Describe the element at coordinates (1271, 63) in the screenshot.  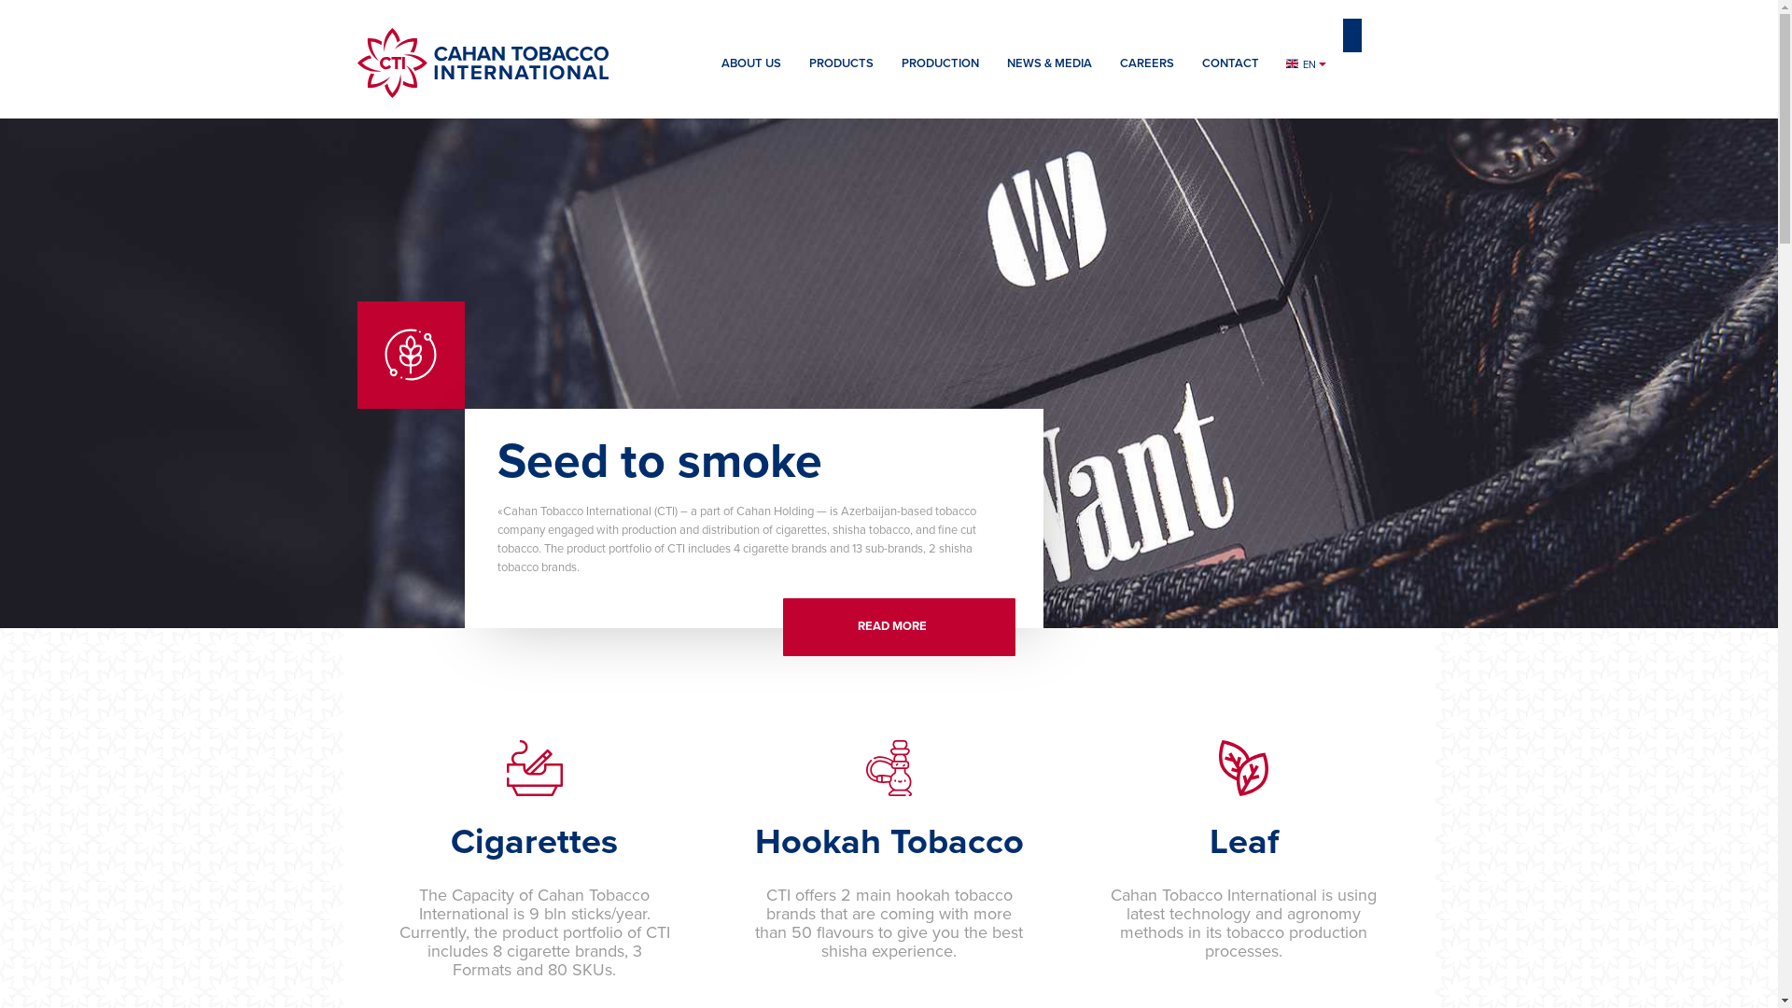
I see `'EN'` at that location.